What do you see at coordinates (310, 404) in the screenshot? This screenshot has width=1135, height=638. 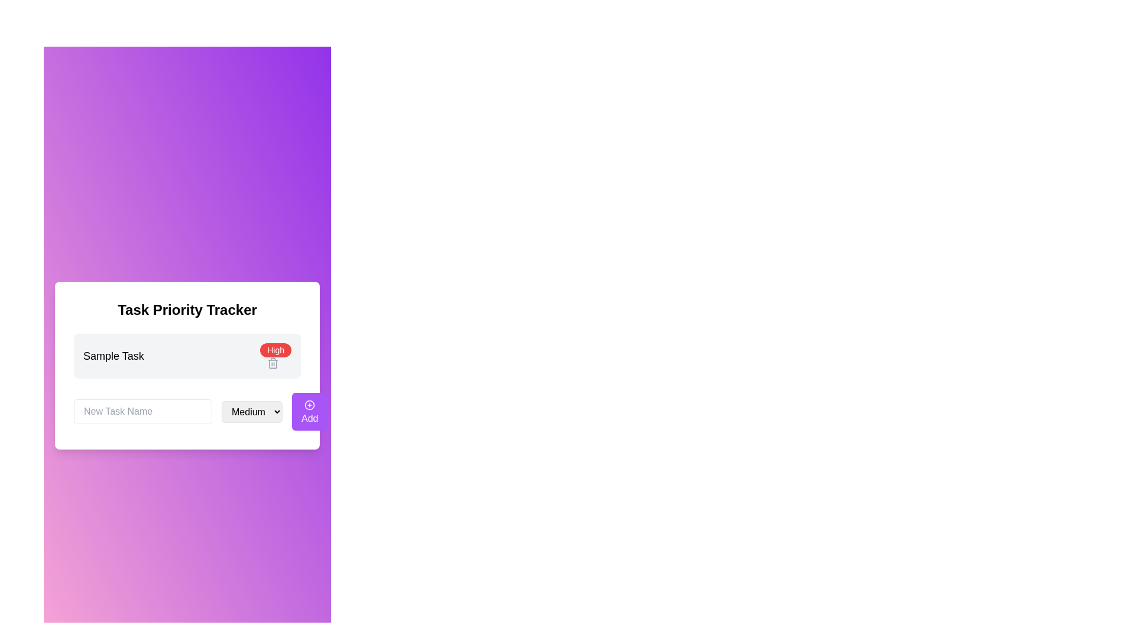 I see `the visual representation of the add icon located within the 'Add' button at the bottom-right section of the interface` at bounding box center [310, 404].